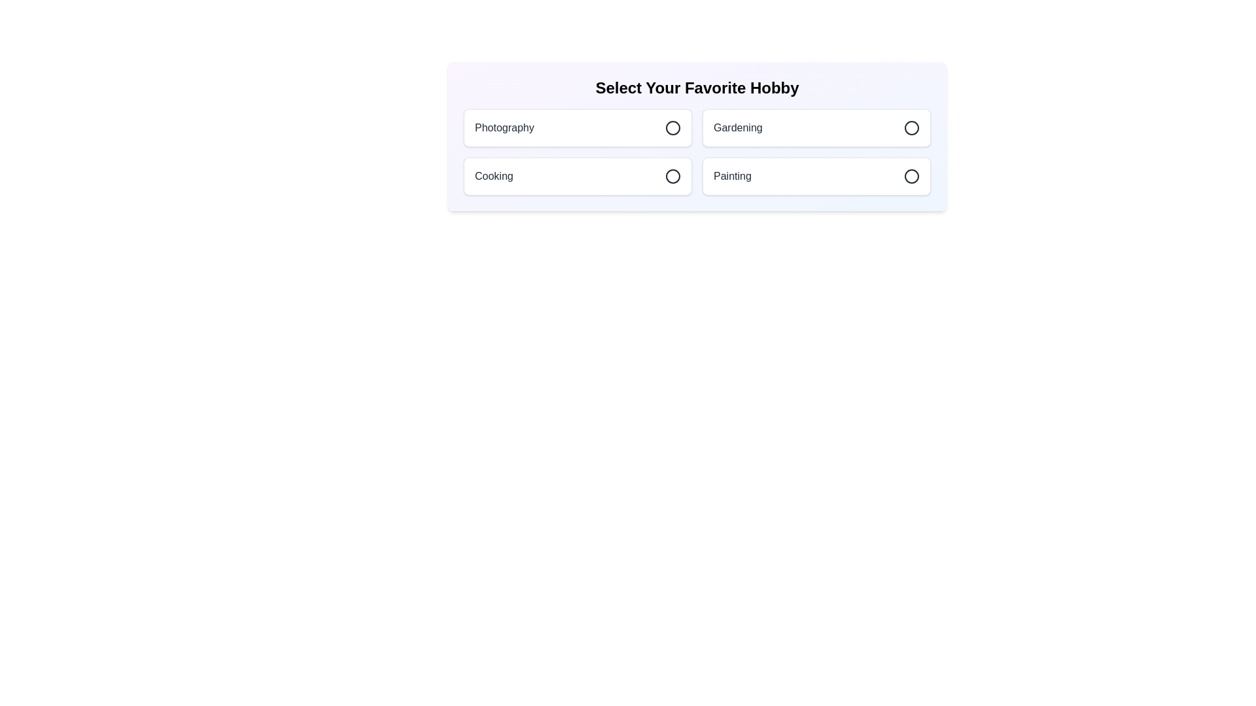 Image resolution: width=1256 pixels, height=706 pixels. I want to click on the checkbox associated with the 'Painting' text label in the second column of the second row, so click(731, 176).